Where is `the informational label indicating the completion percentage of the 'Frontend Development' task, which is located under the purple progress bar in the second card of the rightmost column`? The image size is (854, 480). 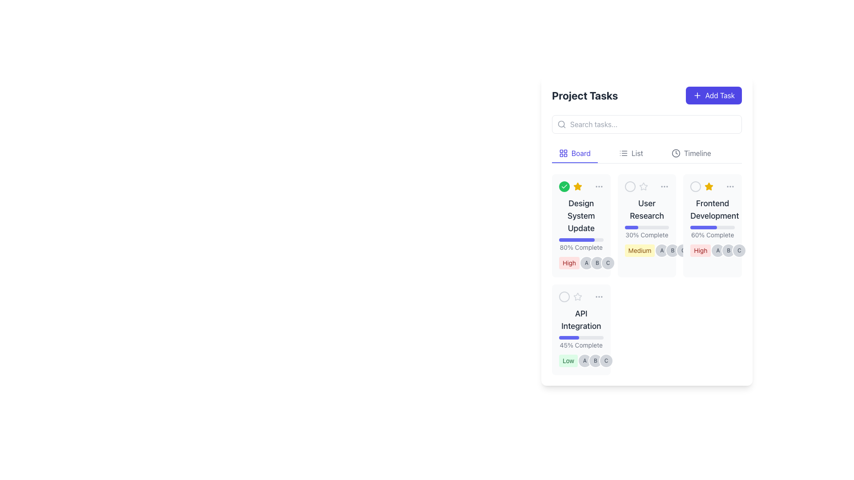 the informational label indicating the completion percentage of the 'Frontend Development' task, which is located under the purple progress bar in the second card of the rightmost column is located at coordinates (713, 232).